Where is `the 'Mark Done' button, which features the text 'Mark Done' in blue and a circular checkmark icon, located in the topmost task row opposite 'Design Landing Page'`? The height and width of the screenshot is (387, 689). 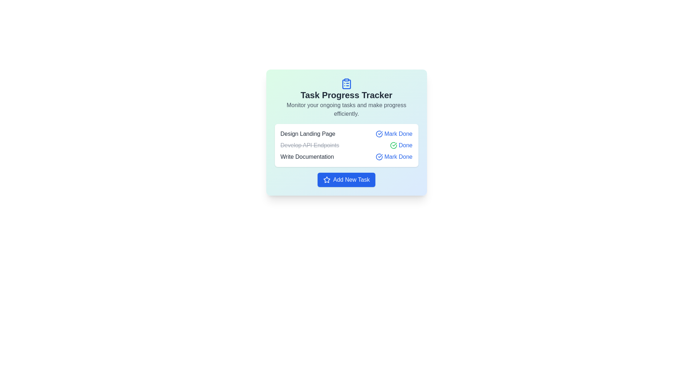
the 'Mark Done' button, which features the text 'Mark Done' in blue and a circular checkmark icon, located in the topmost task row opposite 'Design Landing Page' is located at coordinates (394, 134).